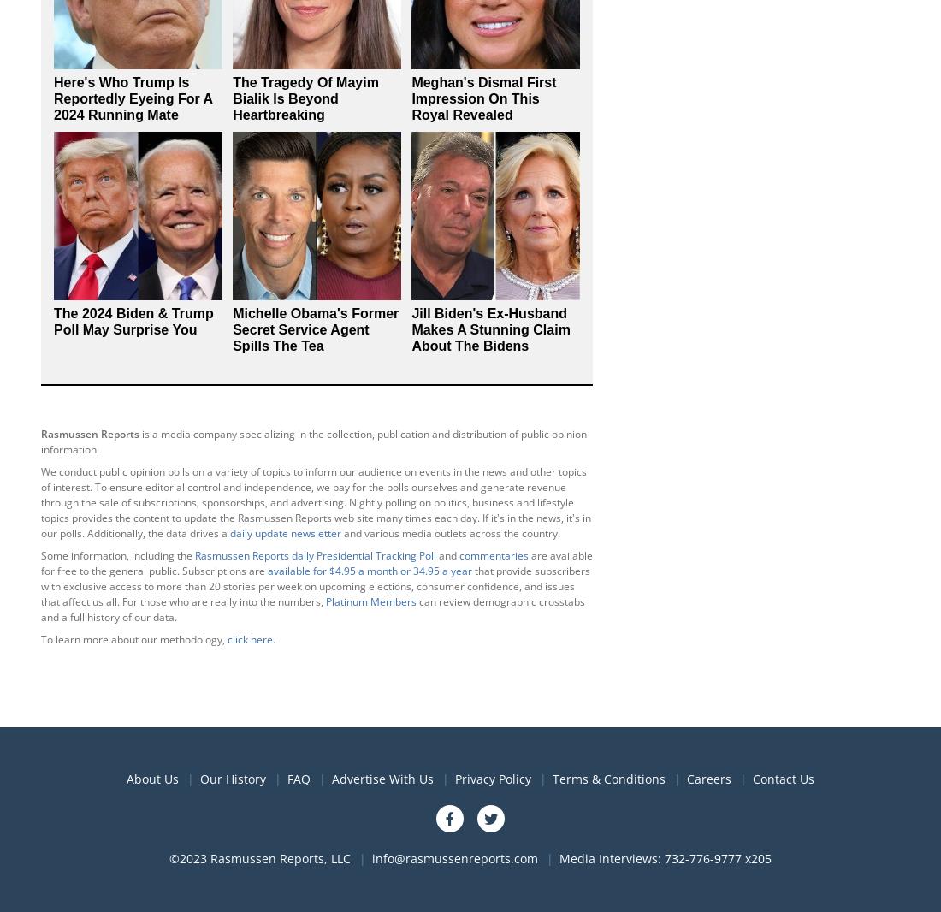  Describe the element at coordinates (666, 857) in the screenshot. I see `'Media Interviews: 732-776-9777 x205'` at that location.